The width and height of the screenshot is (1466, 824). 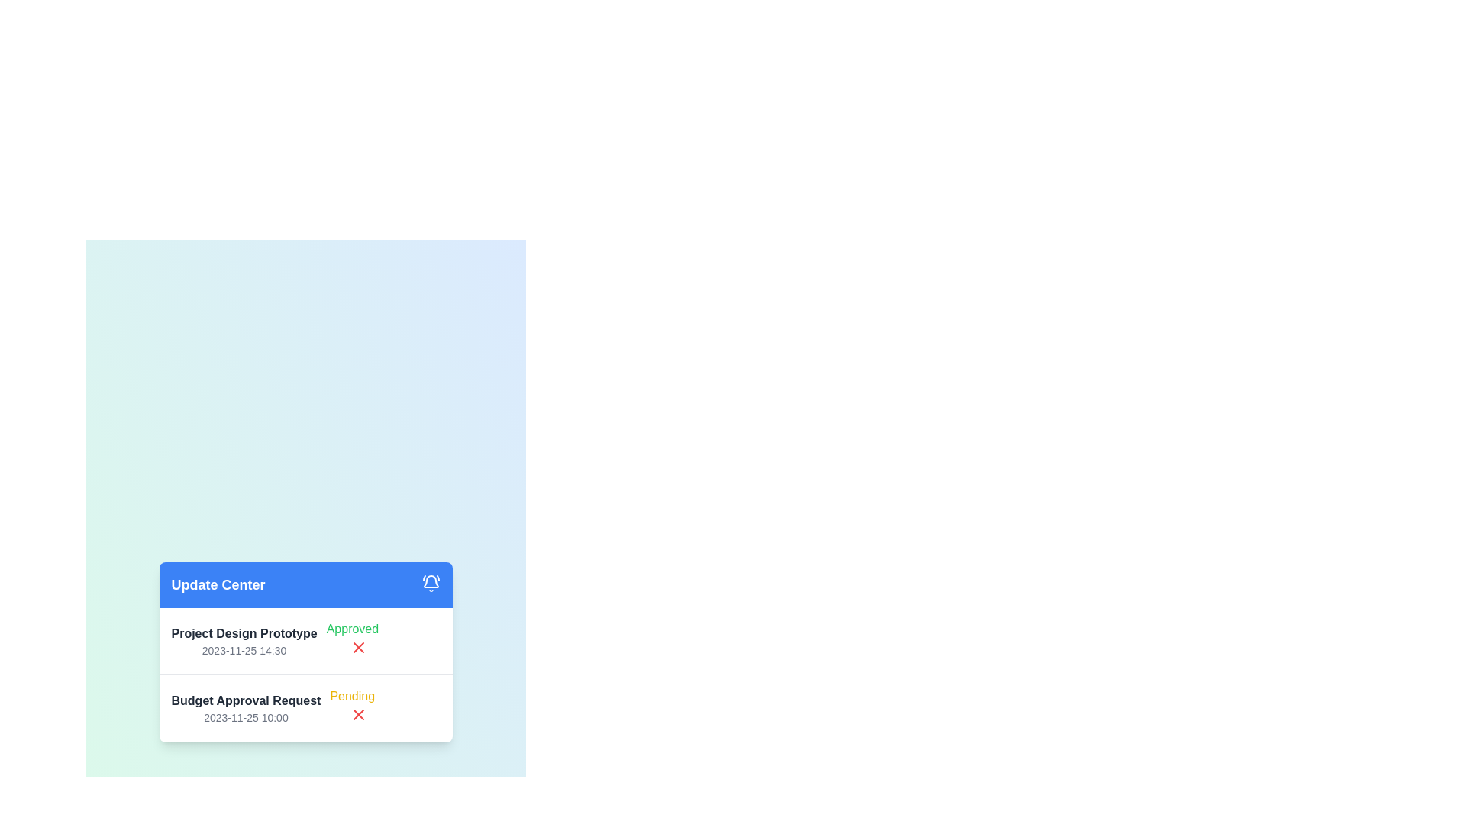 What do you see at coordinates (357, 715) in the screenshot?
I see `the action button located in the 'Budget Approval Request' row under the 'Update Center' section` at bounding box center [357, 715].